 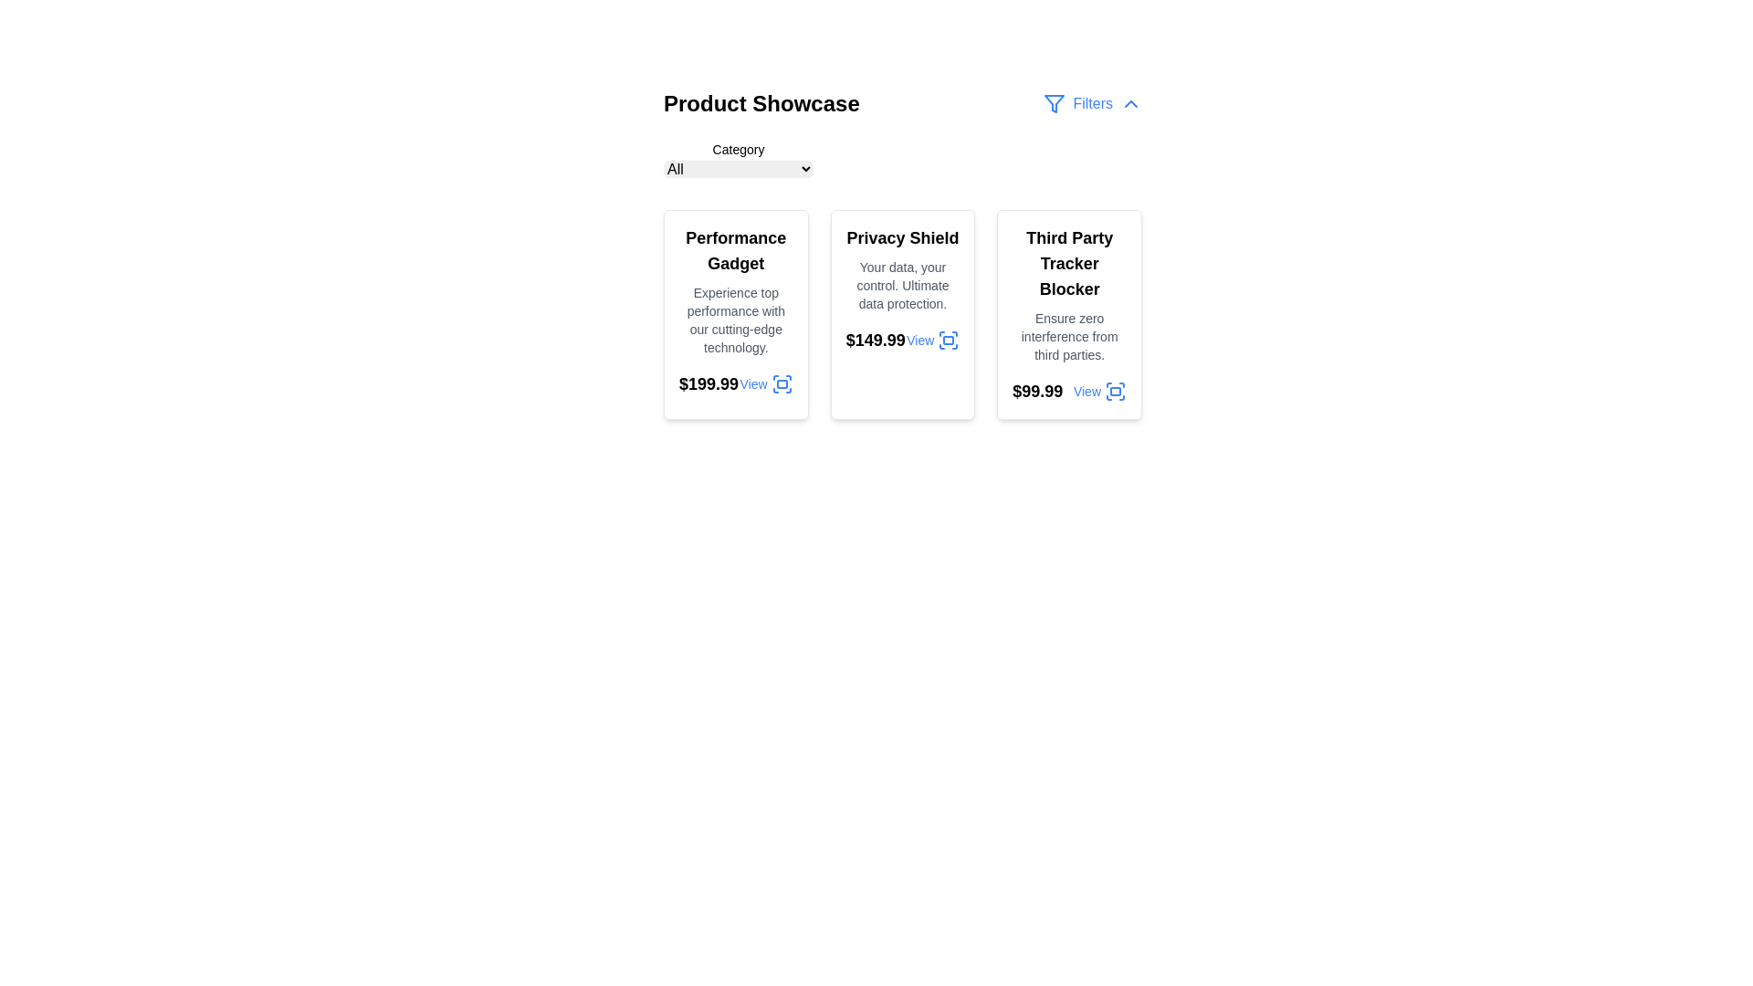 I want to click on the fullscreen icon adjacent to the 'View' hyperlink in the third card titled 'Third Party Tracker Blocker' to activate keyboard accessibility, so click(x=1115, y=390).